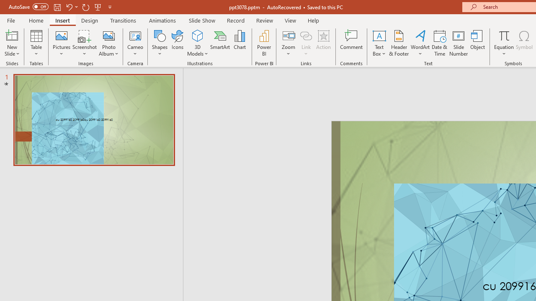 The height and width of the screenshot is (301, 536). What do you see at coordinates (524, 43) in the screenshot?
I see `'Symbol...'` at bounding box center [524, 43].